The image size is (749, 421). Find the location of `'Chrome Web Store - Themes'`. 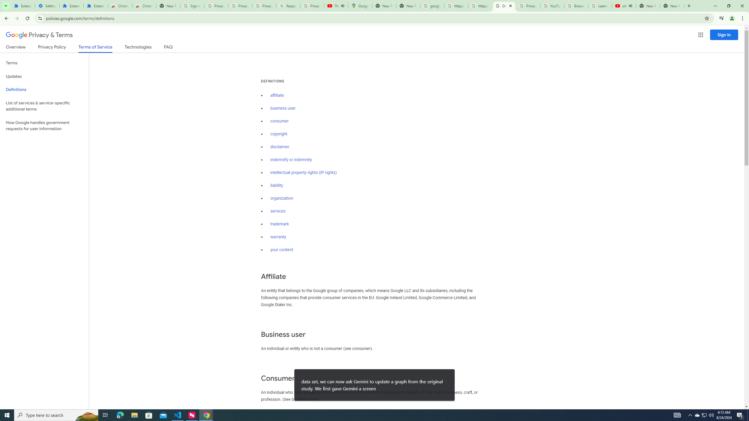

'Chrome Web Store - Themes' is located at coordinates (144, 6).